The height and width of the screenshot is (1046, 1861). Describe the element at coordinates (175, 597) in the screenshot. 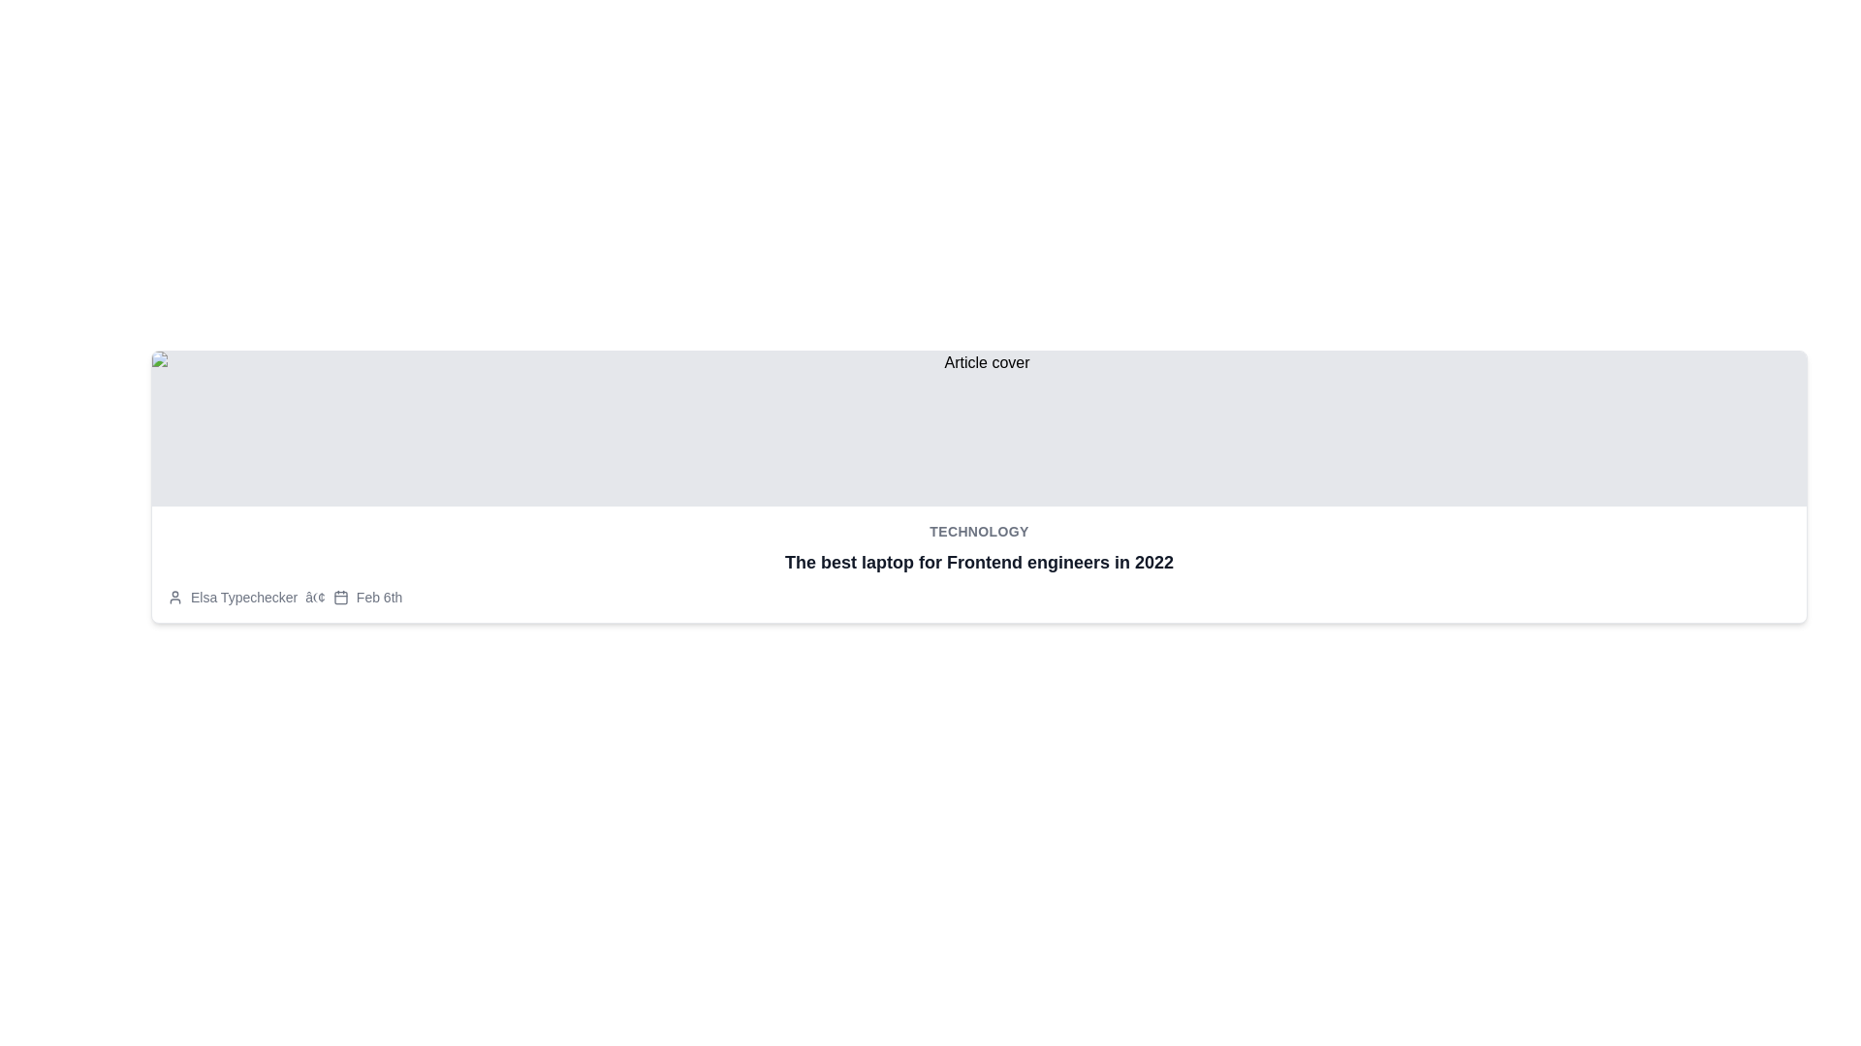

I see `the avatar icon representing a user's profile picture, which is positioned at the start of the text line 'Elsa Typechecker â¢ Feb 6th'` at that location.